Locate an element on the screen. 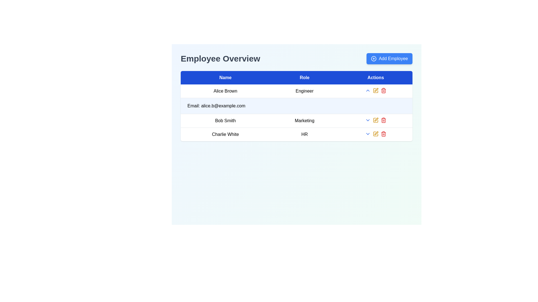  the Text display element containing the text 'Marketing', which is aligned with 'Name' and 'Actions' columns in the row for 'Bob Smith' is located at coordinates (304, 121).